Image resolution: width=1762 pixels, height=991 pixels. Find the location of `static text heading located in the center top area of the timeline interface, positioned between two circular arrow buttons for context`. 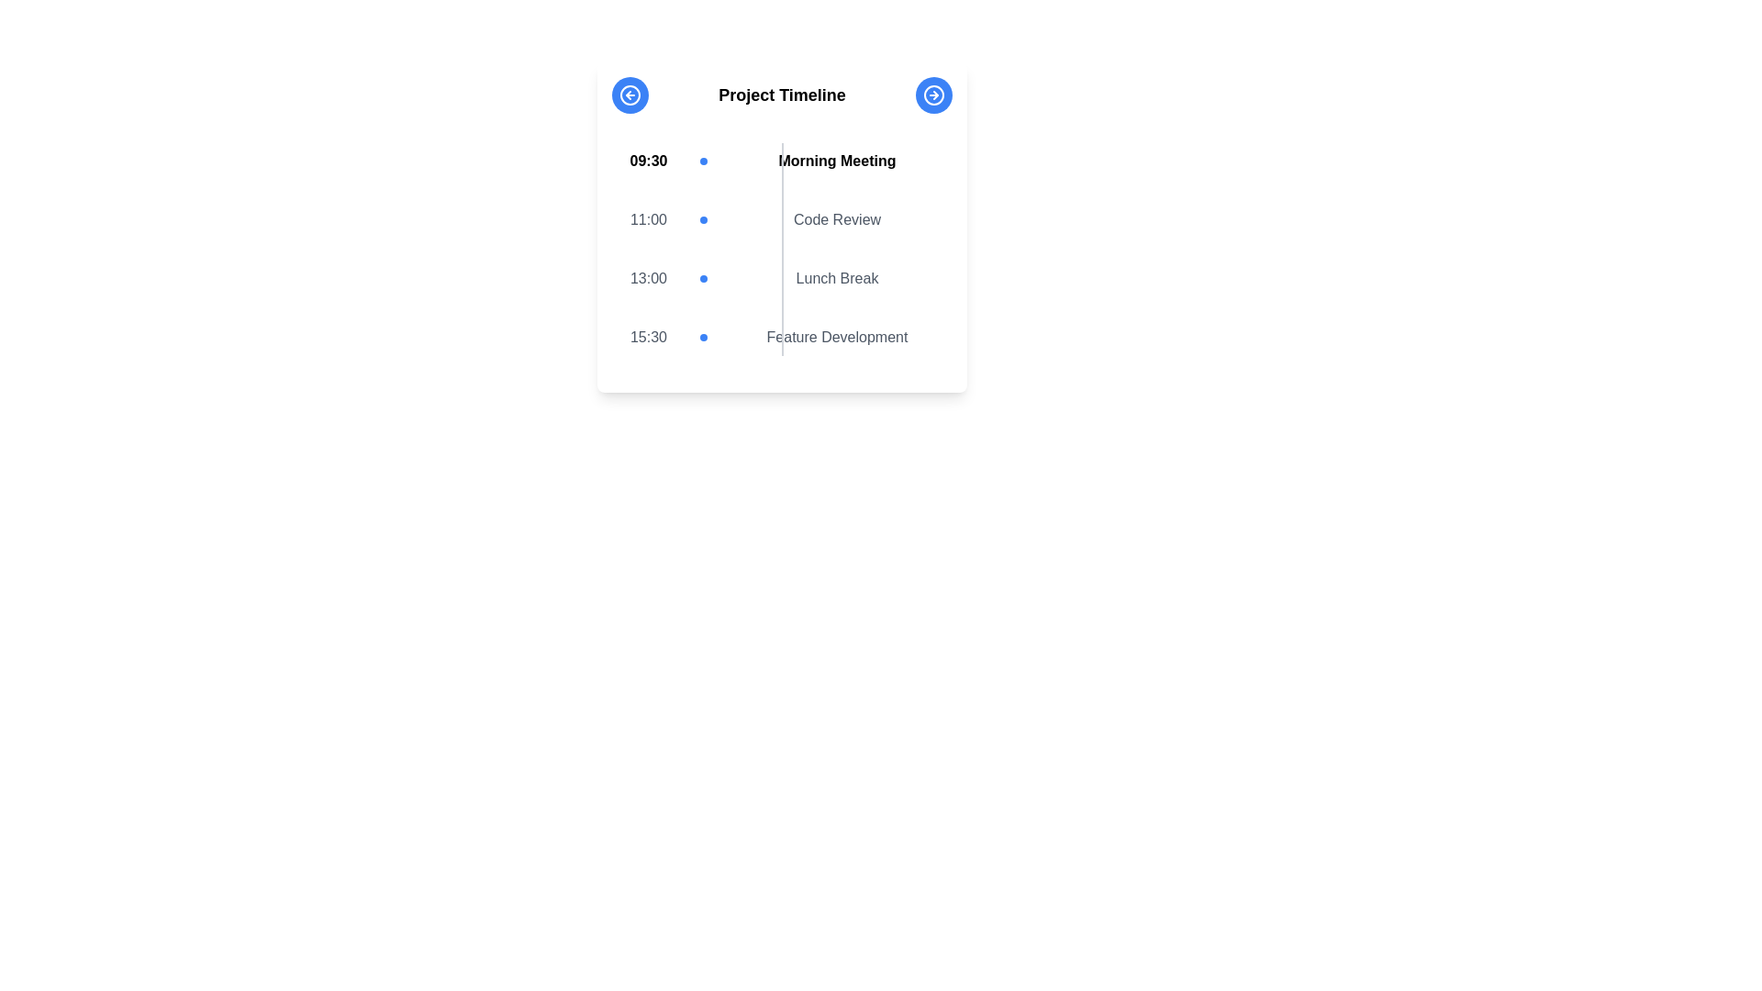

static text heading located in the center top area of the timeline interface, positioned between two circular arrow buttons for context is located at coordinates (782, 95).